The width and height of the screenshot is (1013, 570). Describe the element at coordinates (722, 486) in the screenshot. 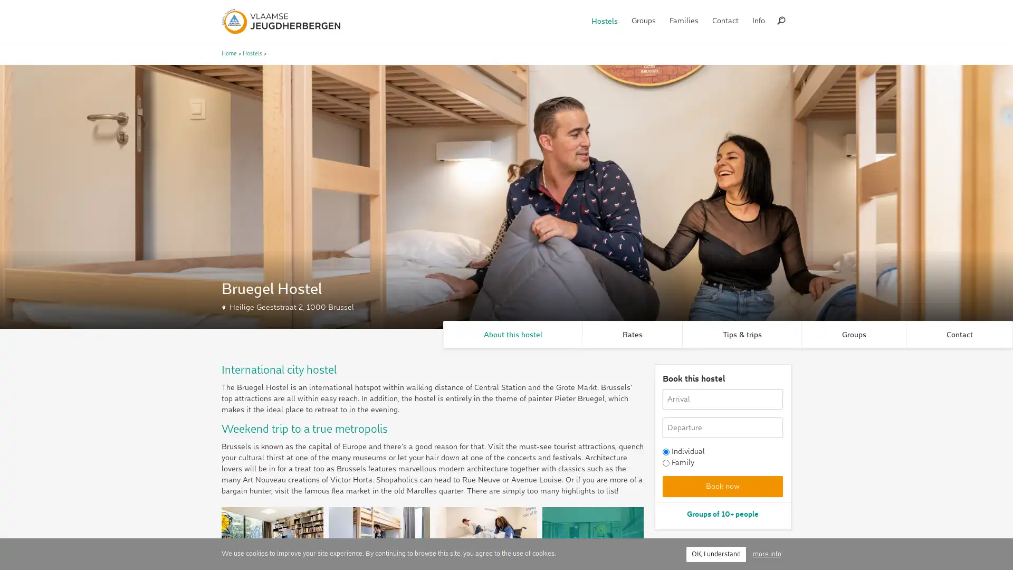

I see `Book now` at that location.